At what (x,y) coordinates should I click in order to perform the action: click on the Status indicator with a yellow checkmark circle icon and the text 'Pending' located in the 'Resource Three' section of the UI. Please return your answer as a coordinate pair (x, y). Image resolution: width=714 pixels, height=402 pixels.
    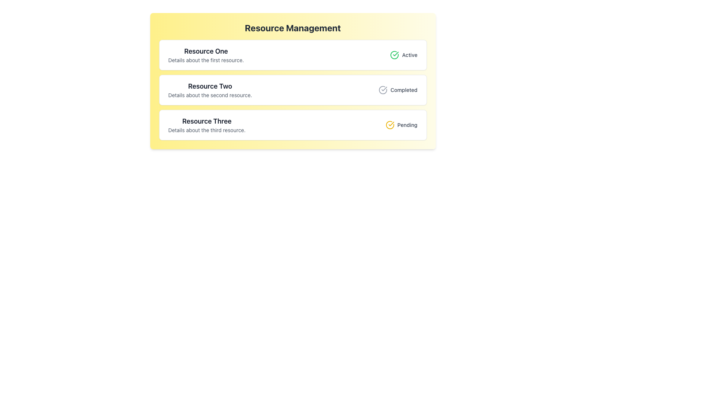
    Looking at the image, I should click on (401, 124).